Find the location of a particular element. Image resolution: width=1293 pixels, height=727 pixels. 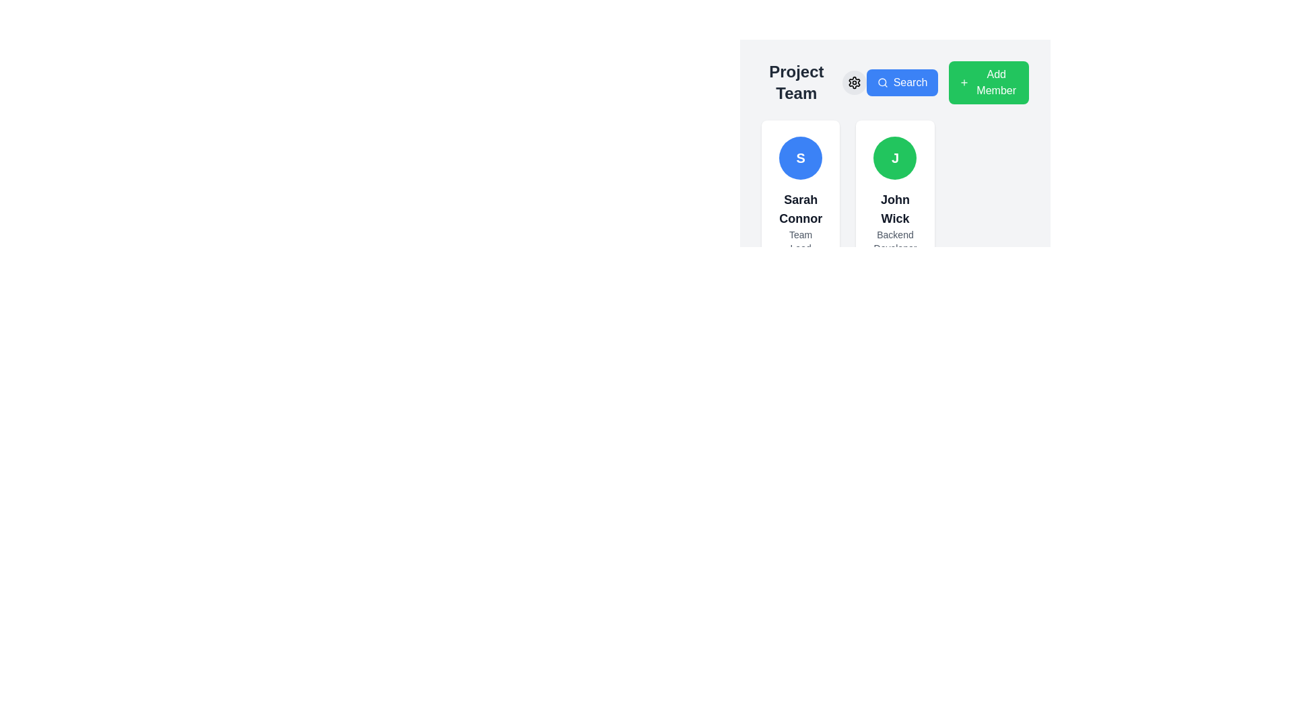

the static text label displaying 'Team Lead', which is located at the bottom of the card below the name 'Sarah Connor' is located at coordinates (801, 240).